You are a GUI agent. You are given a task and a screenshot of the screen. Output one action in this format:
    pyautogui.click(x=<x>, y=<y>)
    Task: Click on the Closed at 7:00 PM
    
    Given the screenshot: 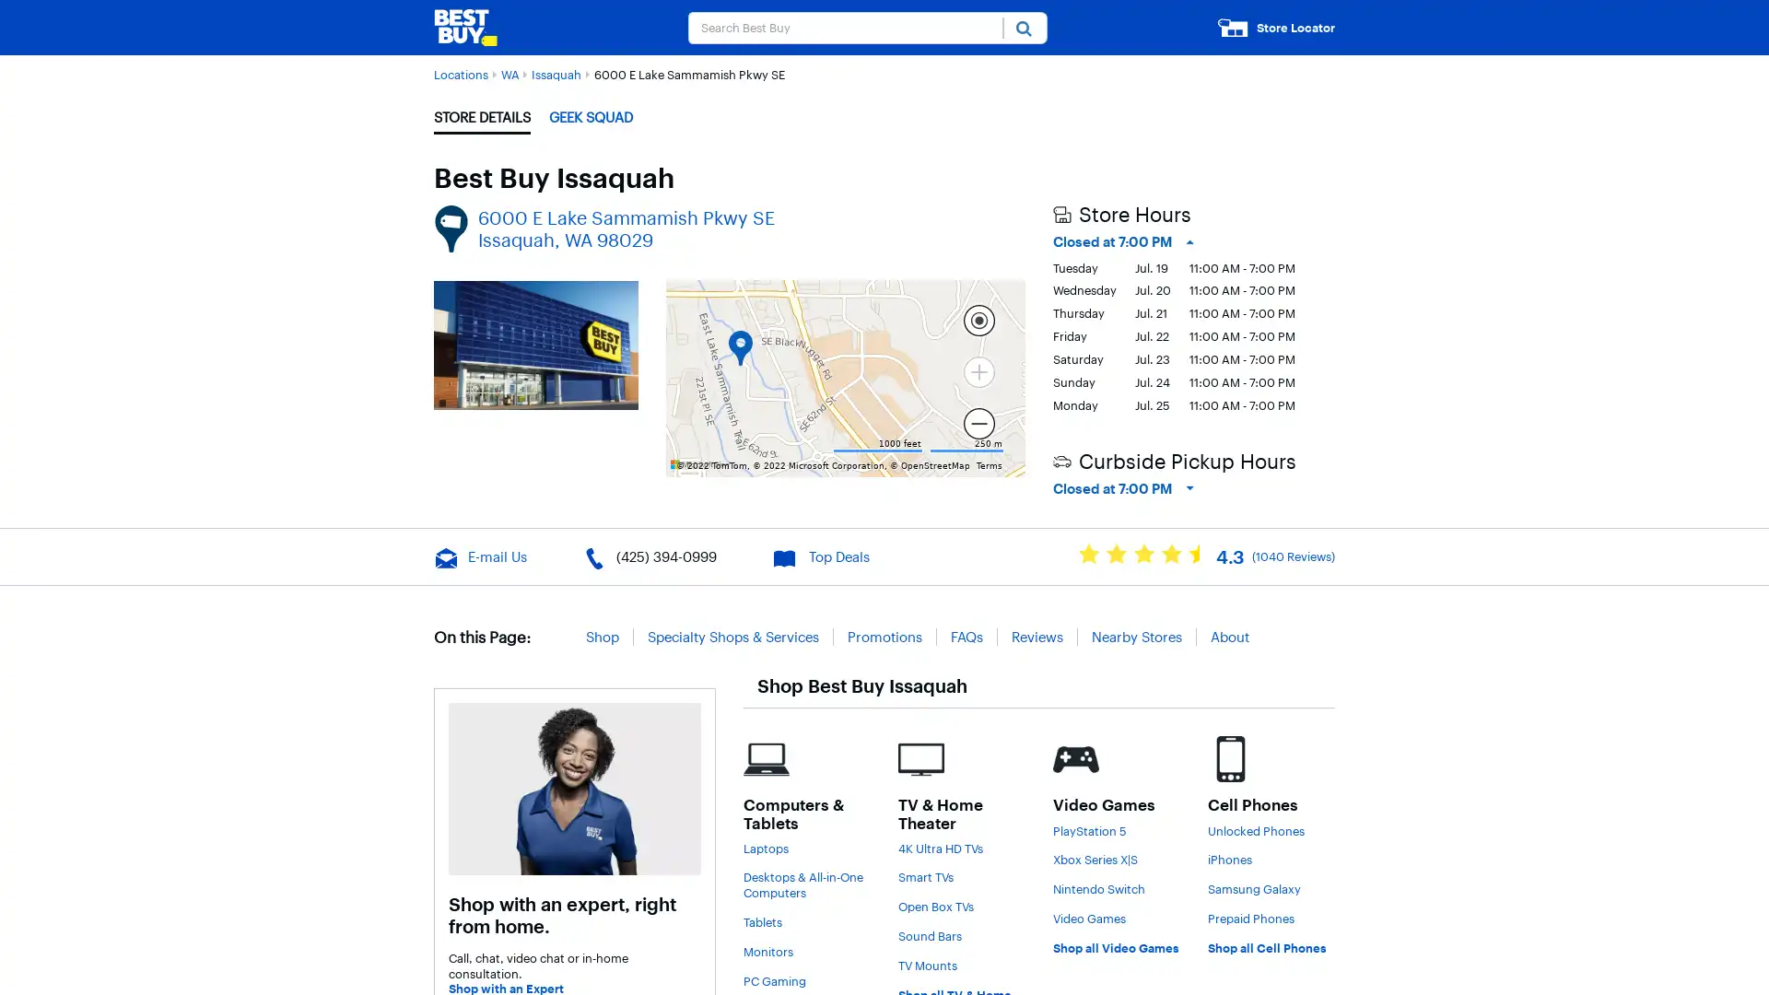 What is the action you would take?
    pyautogui.click(x=1122, y=488)
    